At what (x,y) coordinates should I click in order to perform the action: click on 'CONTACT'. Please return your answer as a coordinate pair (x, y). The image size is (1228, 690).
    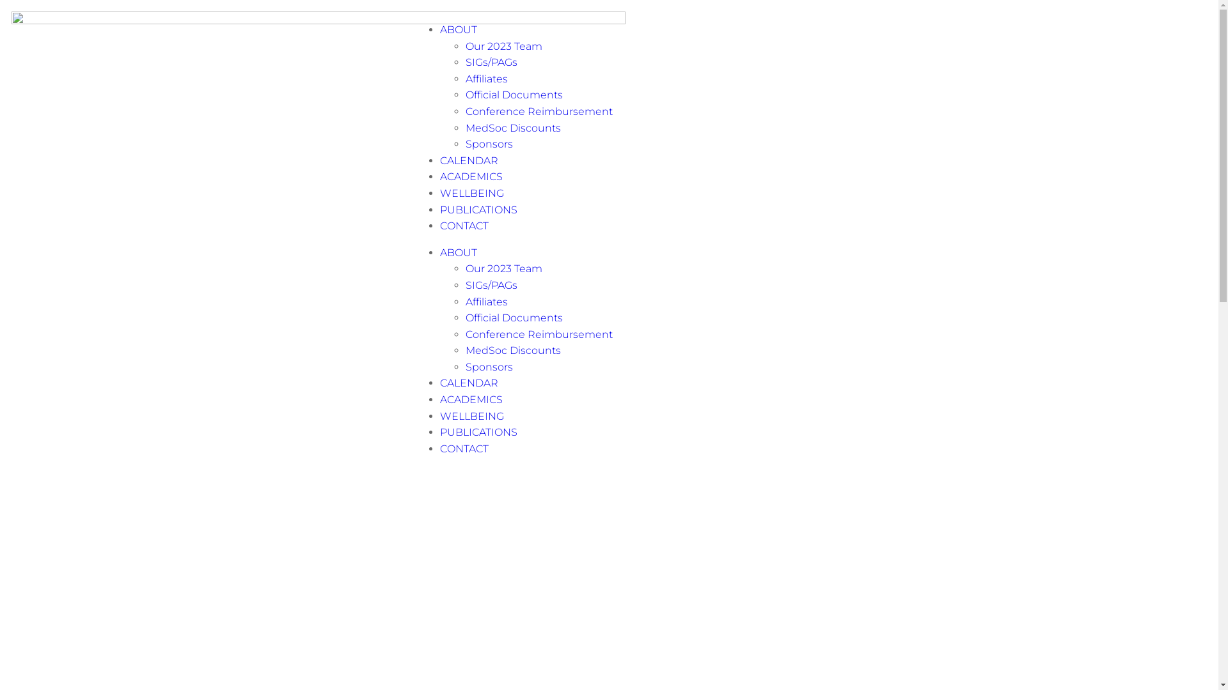
    Looking at the image, I should click on (463, 448).